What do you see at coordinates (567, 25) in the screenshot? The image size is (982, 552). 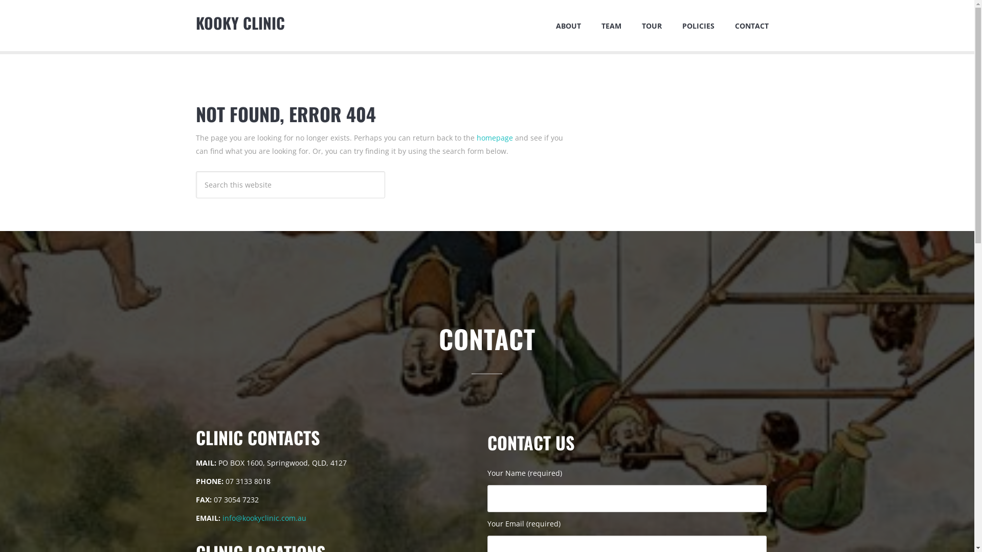 I see `'ABOUT'` at bounding box center [567, 25].